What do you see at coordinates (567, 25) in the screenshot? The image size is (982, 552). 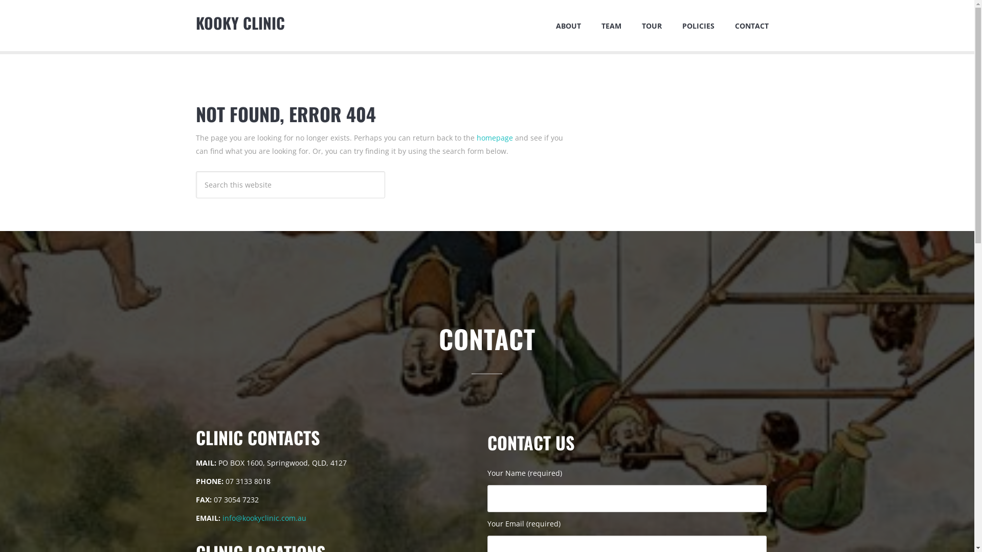 I see `'ABOUT'` at bounding box center [567, 25].